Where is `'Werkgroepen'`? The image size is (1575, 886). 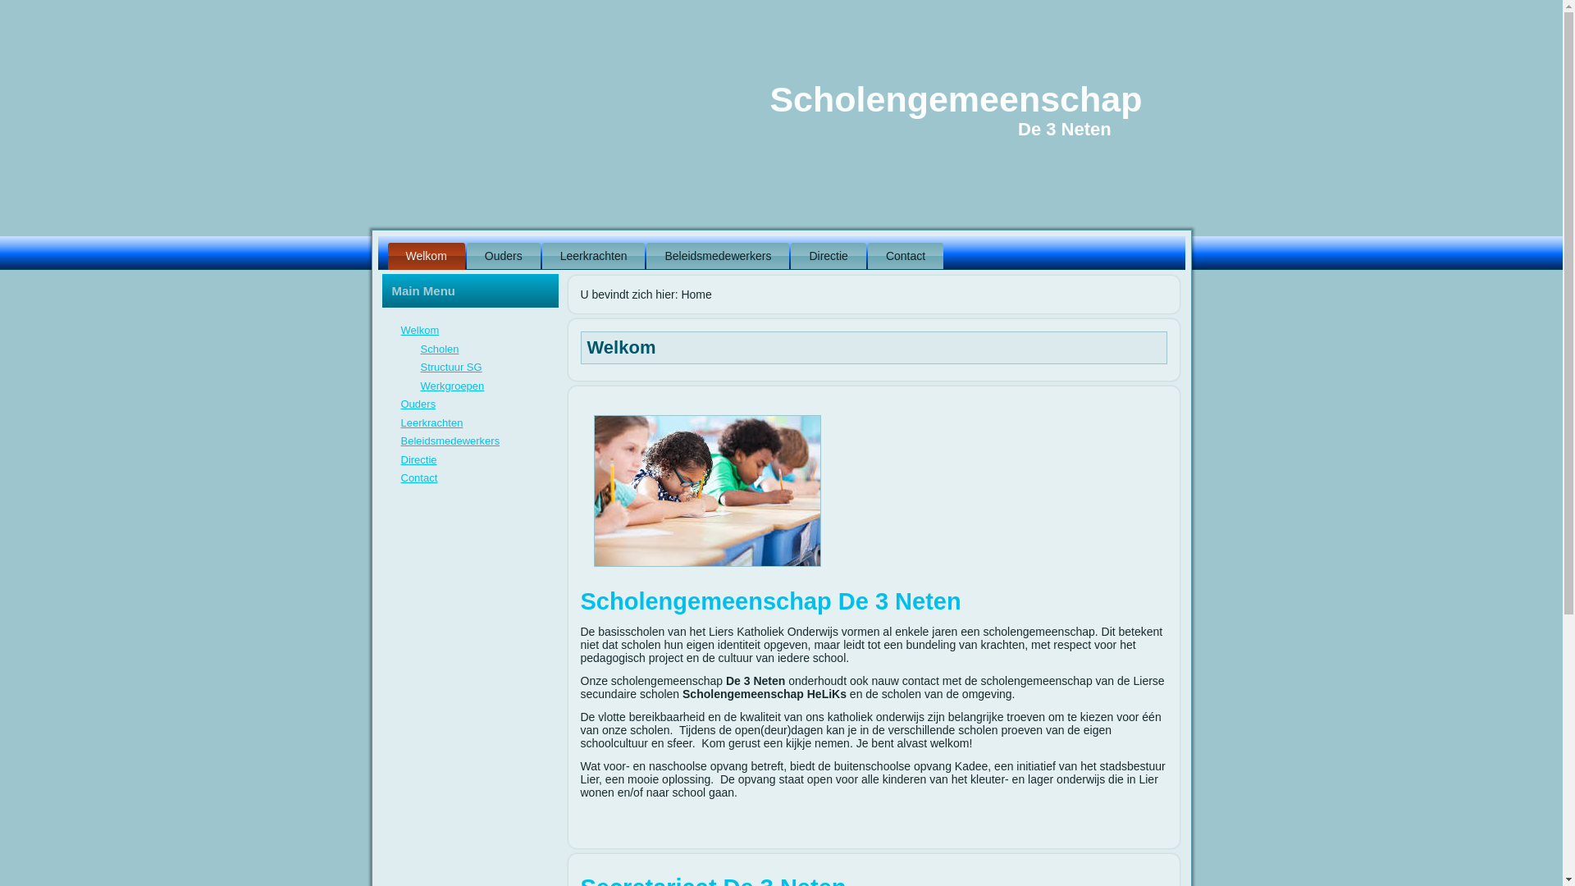
'Werkgroepen' is located at coordinates (452, 385).